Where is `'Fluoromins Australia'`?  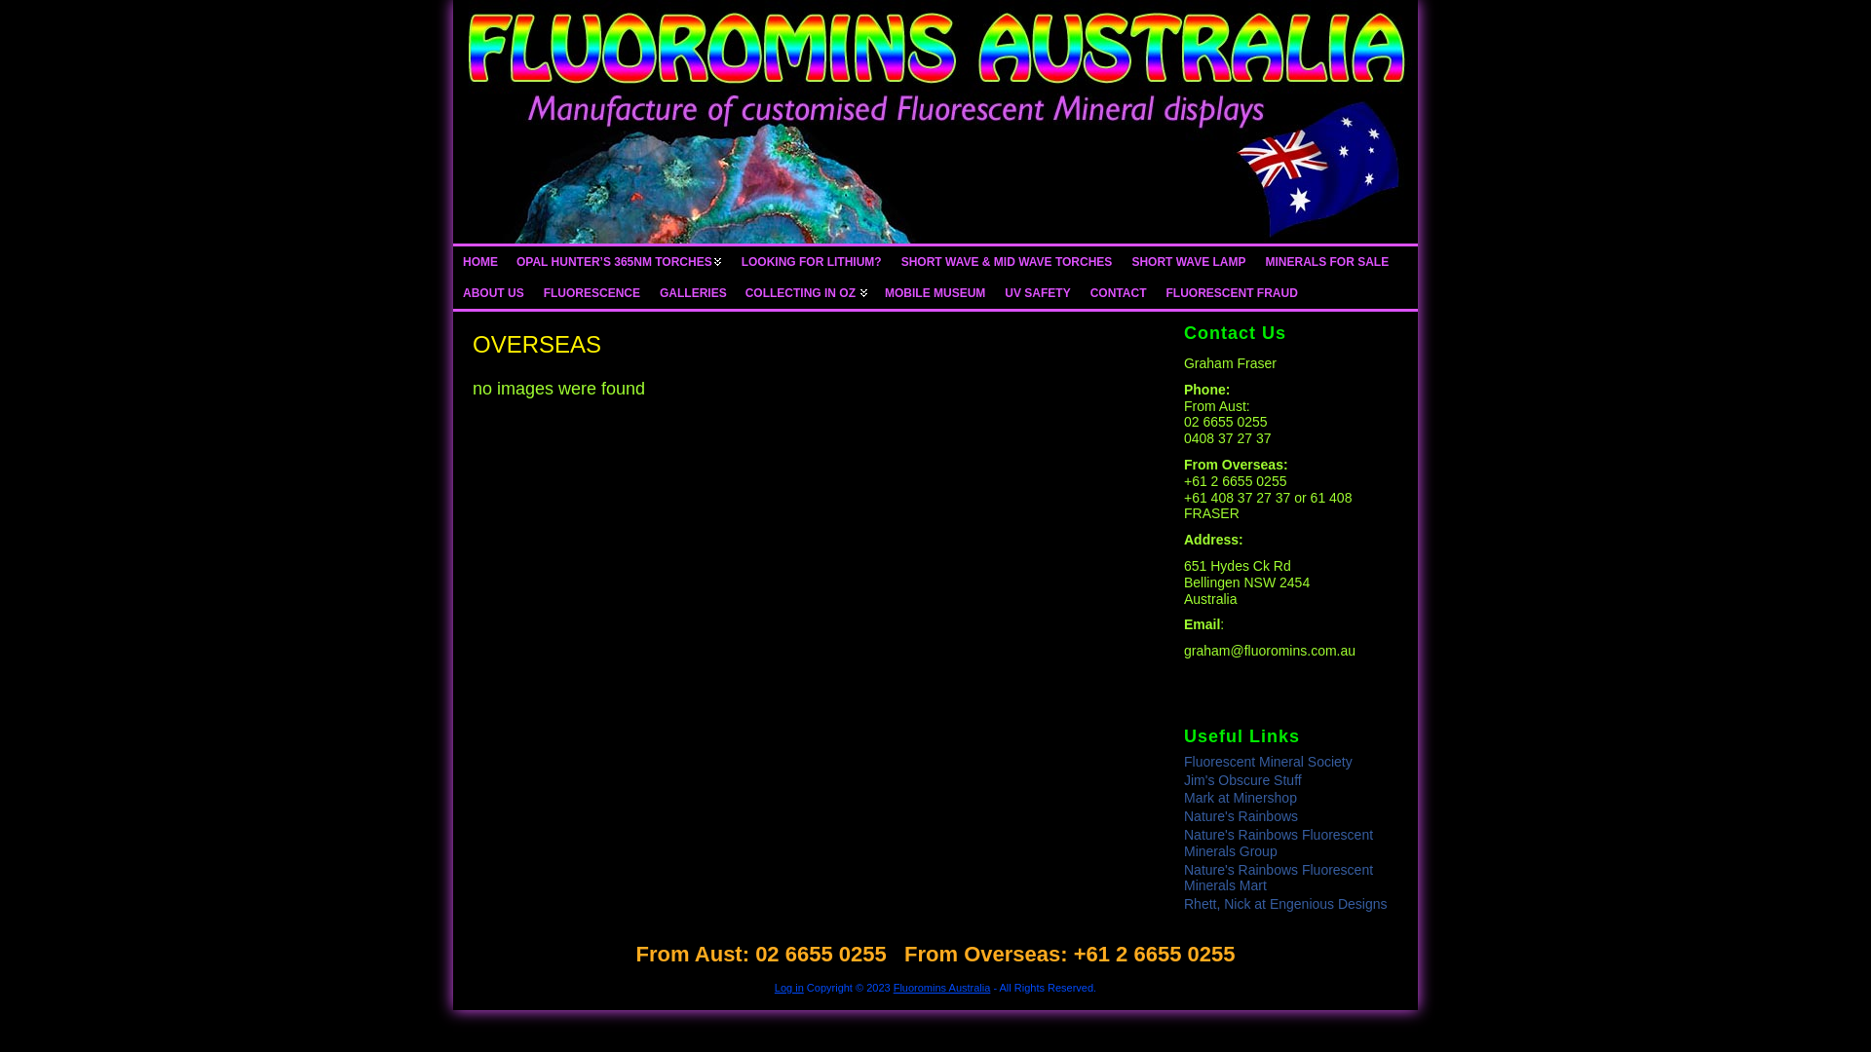 'Fluoromins Australia' is located at coordinates (935, 121).